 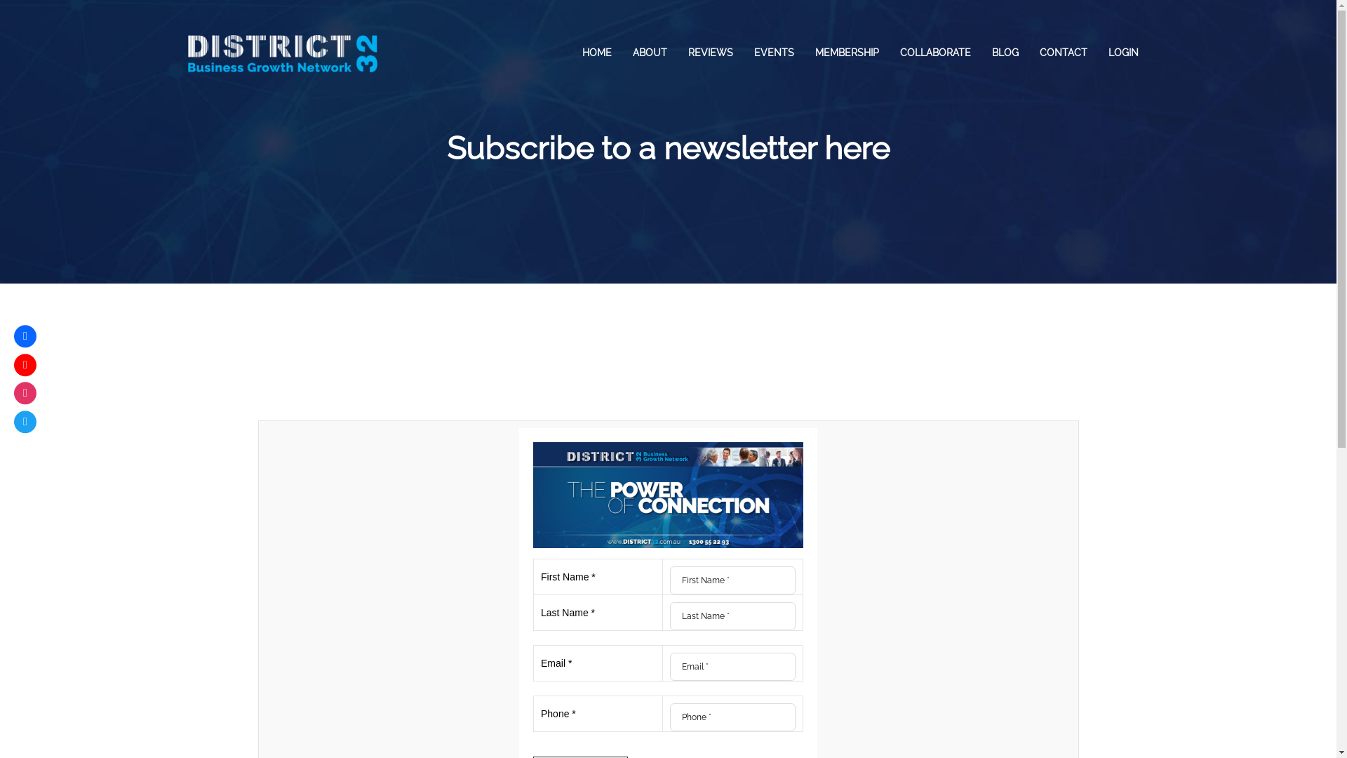 What do you see at coordinates (13, 421) in the screenshot?
I see `'Twitter'` at bounding box center [13, 421].